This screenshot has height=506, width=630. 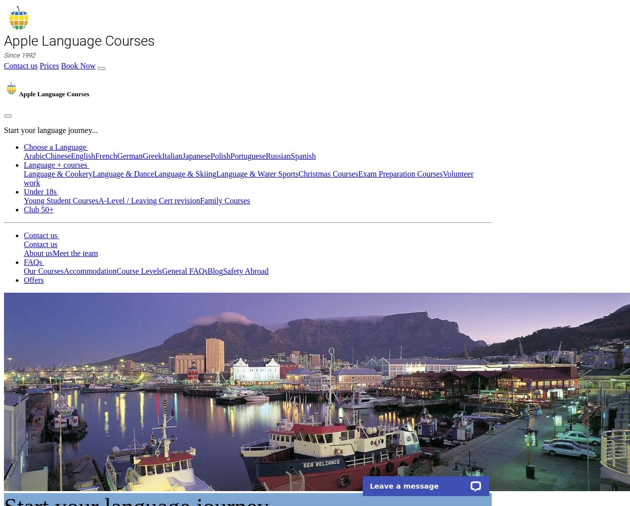 What do you see at coordinates (49, 65) in the screenshot?
I see `'Prices'` at bounding box center [49, 65].